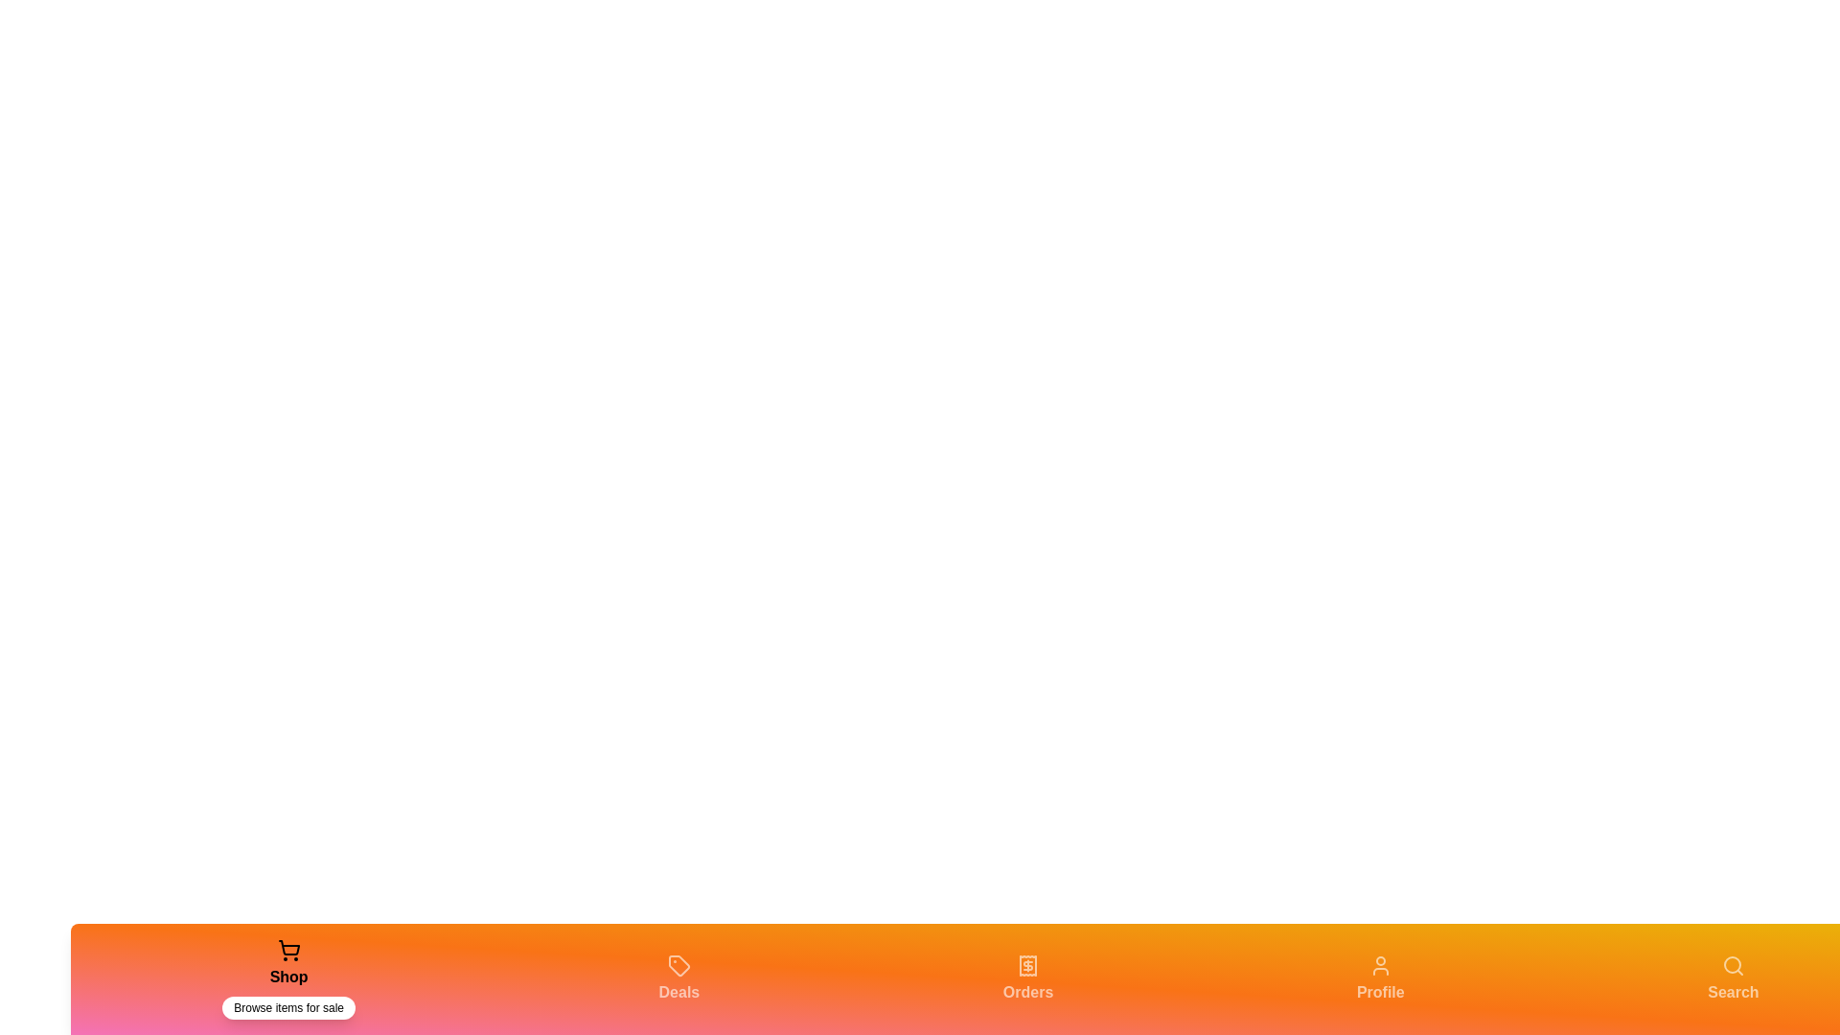  Describe the element at coordinates (1027, 979) in the screenshot. I see `the Orders tab in the navigation bar` at that location.